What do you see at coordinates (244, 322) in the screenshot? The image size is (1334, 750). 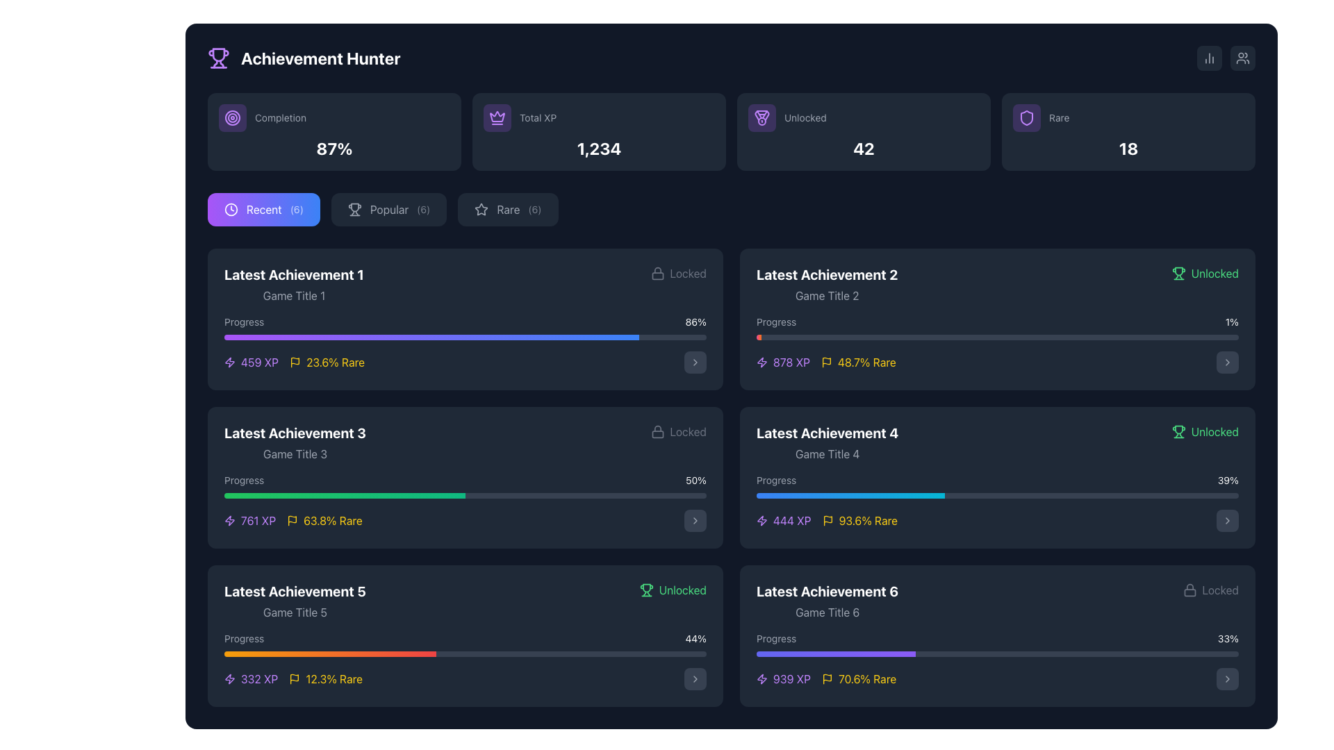 I see `the text label displaying 'Progress' in light gray within the 'Latest Achievement 1' panel, located above the progress bar` at bounding box center [244, 322].